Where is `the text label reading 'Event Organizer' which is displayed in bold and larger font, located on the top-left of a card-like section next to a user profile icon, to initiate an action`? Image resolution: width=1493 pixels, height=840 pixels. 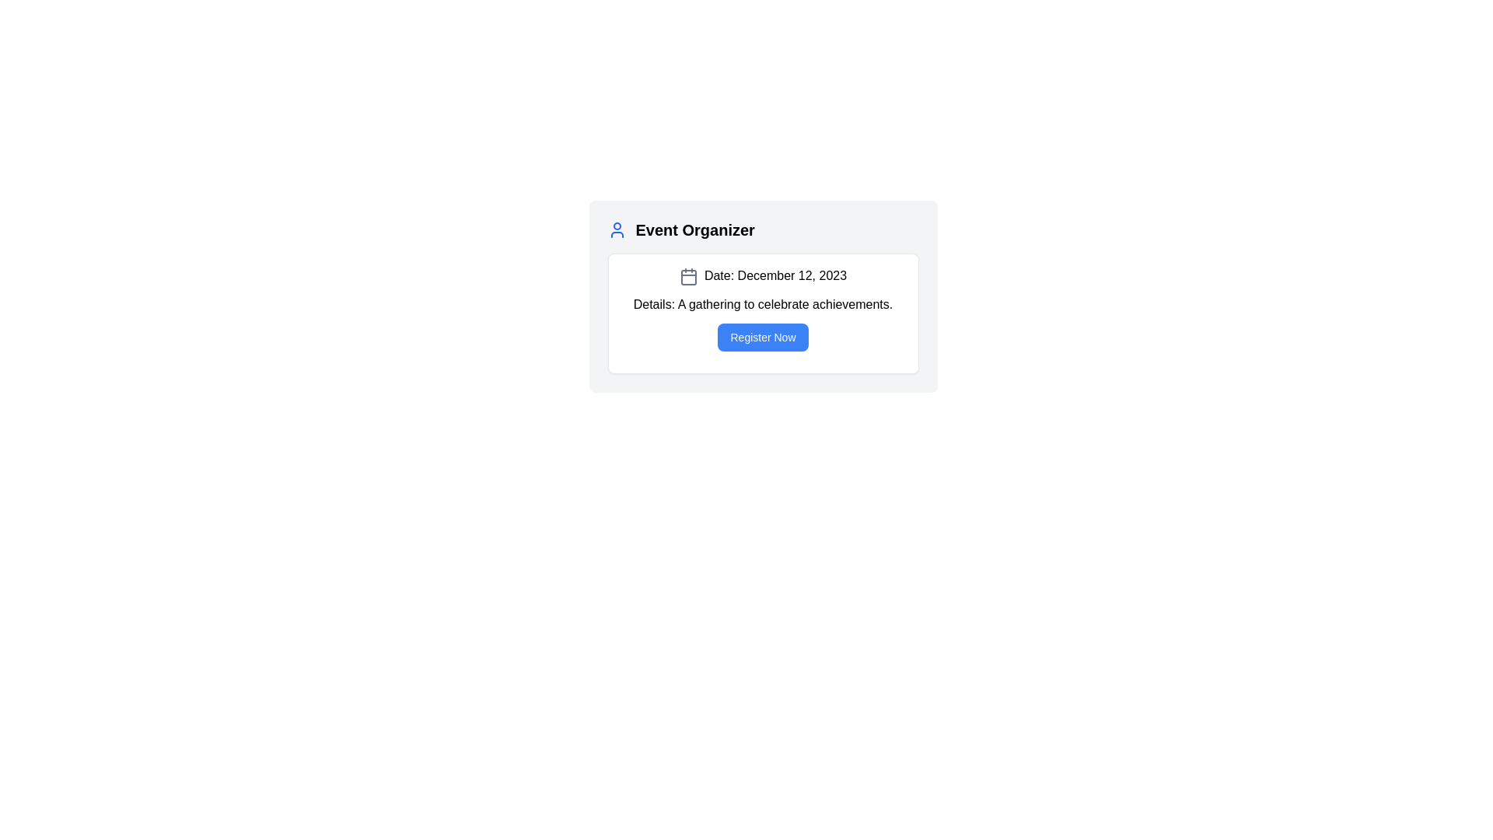 the text label reading 'Event Organizer' which is displayed in bold and larger font, located on the top-left of a card-like section next to a user profile icon, to initiate an action is located at coordinates (694, 230).